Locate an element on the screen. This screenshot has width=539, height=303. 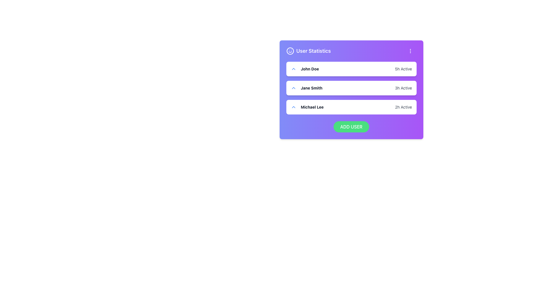
the third entry in the list, which contains the text 'Michael Lee' and '2h Active', displayed on a purple gradient background with rounded corners and an arrow icon on the left side is located at coordinates (351, 102).